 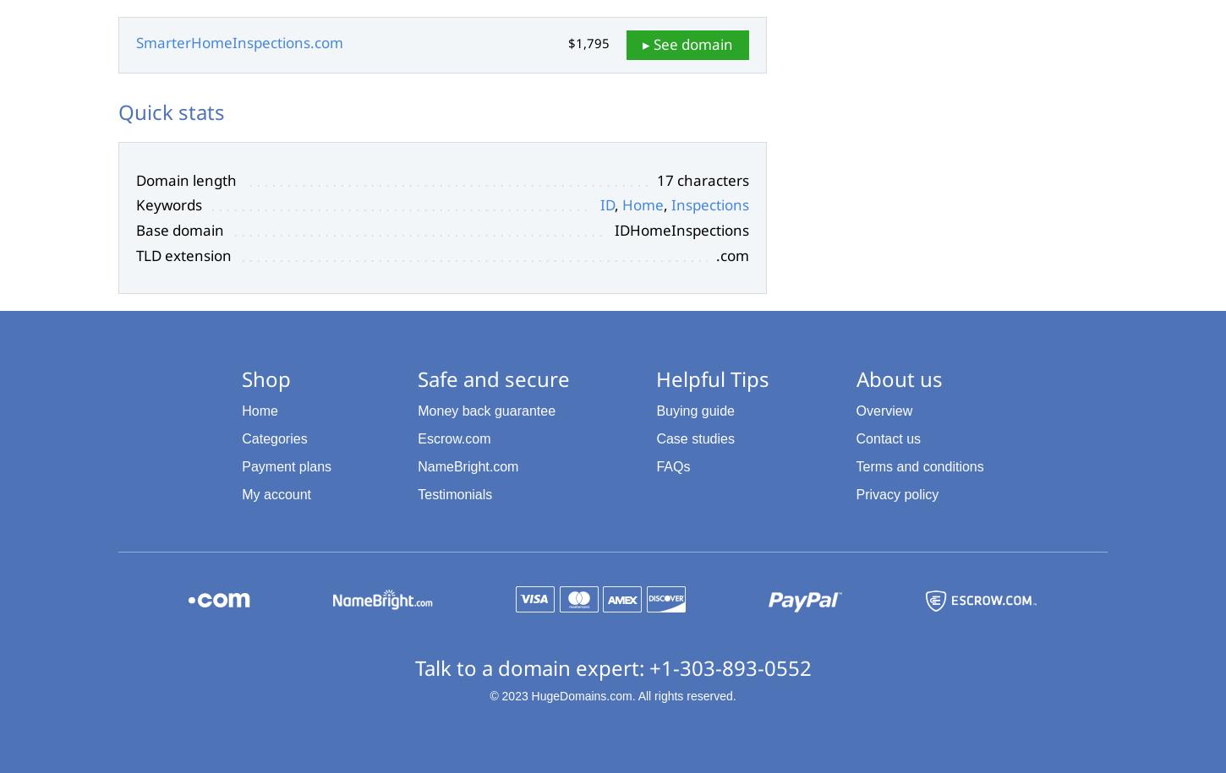 What do you see at coordinates (185, 179) in the screenshot?
I see `'Domain length'` at bounding box center [185, 179].